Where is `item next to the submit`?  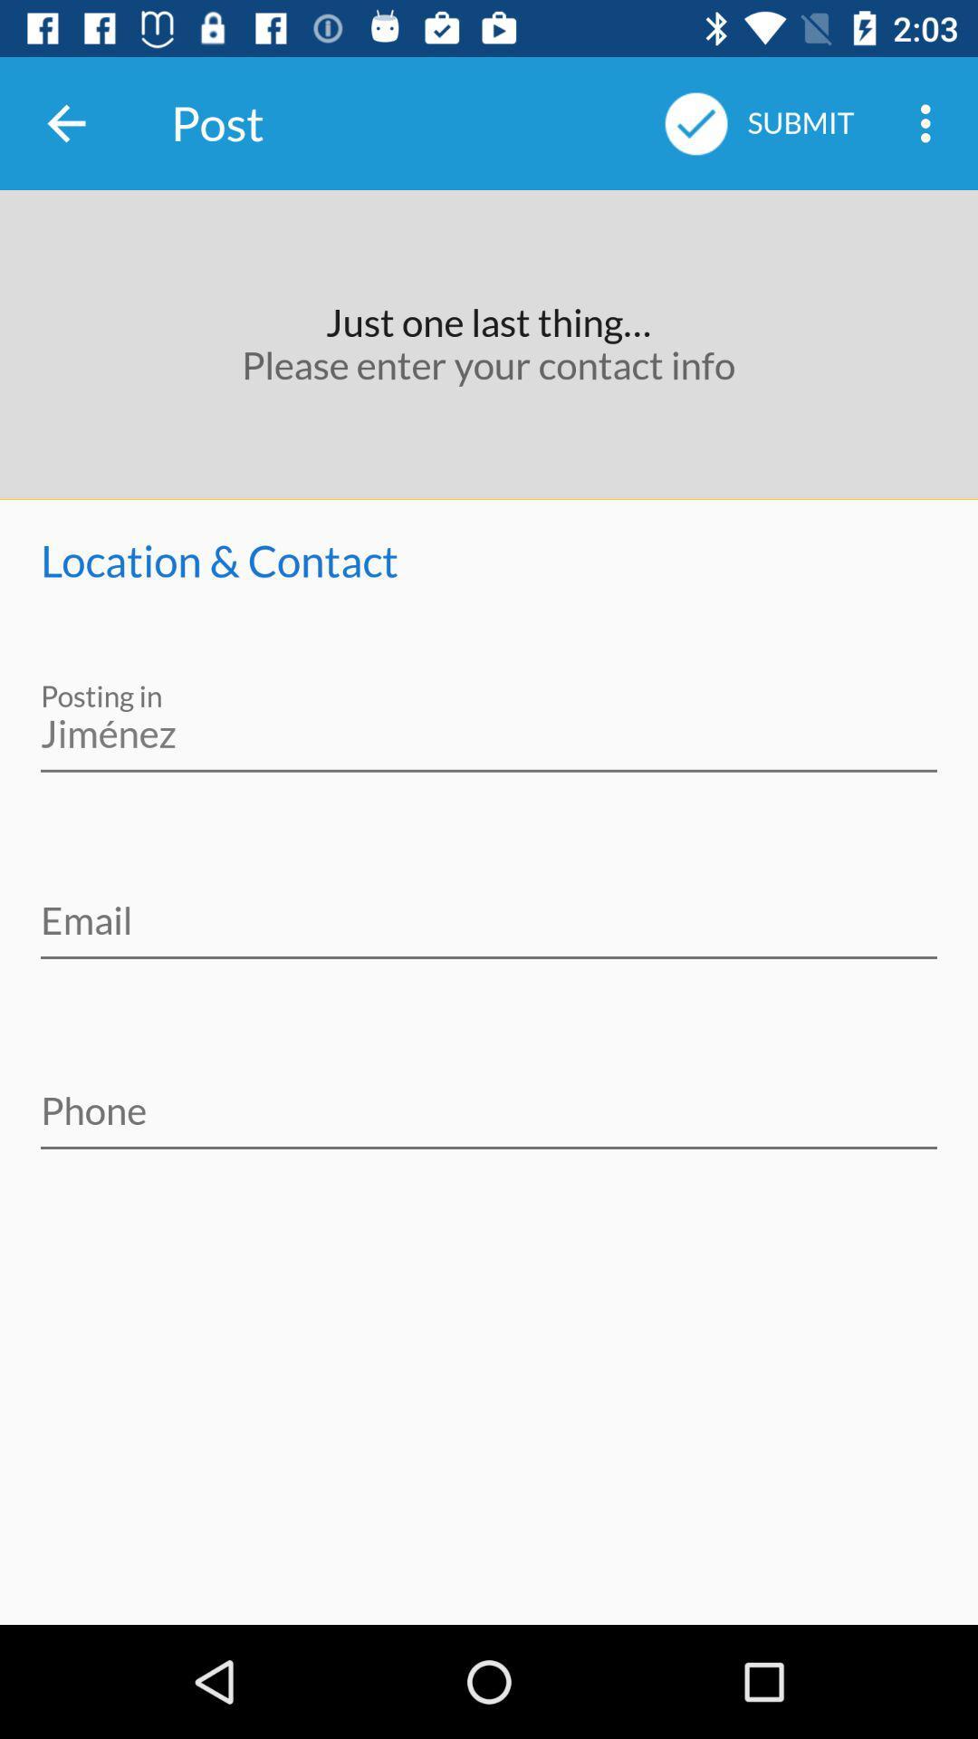
item next to the submit is located at coordinates (930, 122).